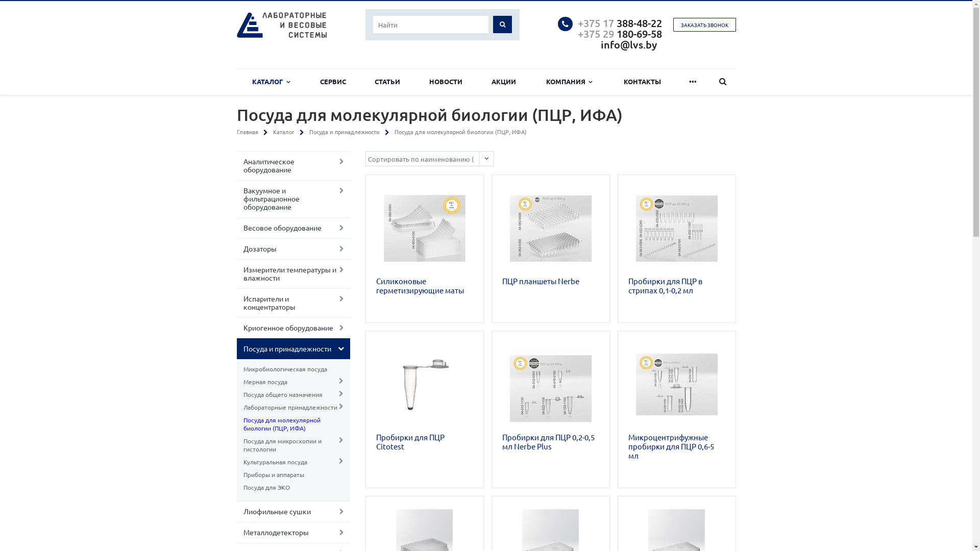 This screenshot has height=551, width=980. Describe the element at coordinates (619, 23) in the screenshot. I see `'+375 17 388-48-22'` at that location.